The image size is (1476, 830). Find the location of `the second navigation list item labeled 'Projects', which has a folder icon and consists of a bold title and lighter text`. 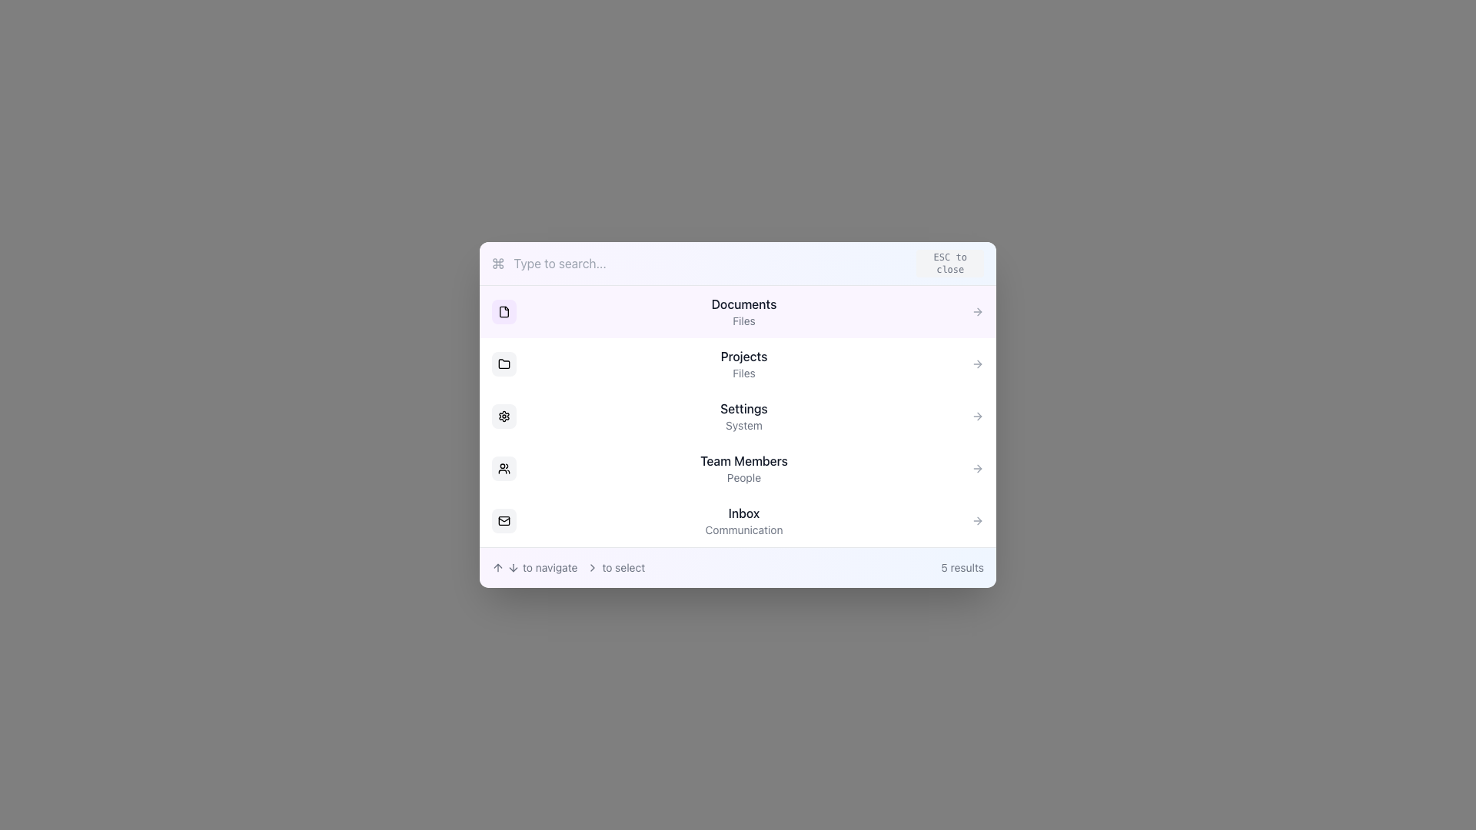

the second navigation list item labeled 'Projects', which has a folder icon and consists of a bold title and lighter text is located at coordinates (738, 364).